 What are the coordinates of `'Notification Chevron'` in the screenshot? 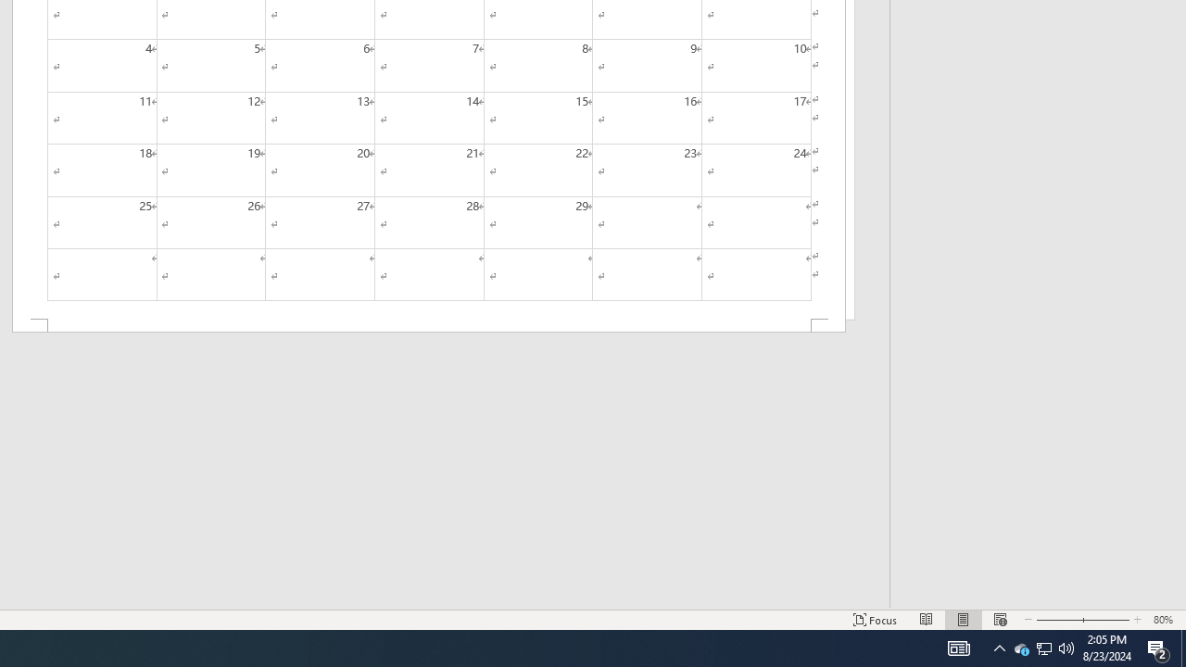 It's located at (999, 647).